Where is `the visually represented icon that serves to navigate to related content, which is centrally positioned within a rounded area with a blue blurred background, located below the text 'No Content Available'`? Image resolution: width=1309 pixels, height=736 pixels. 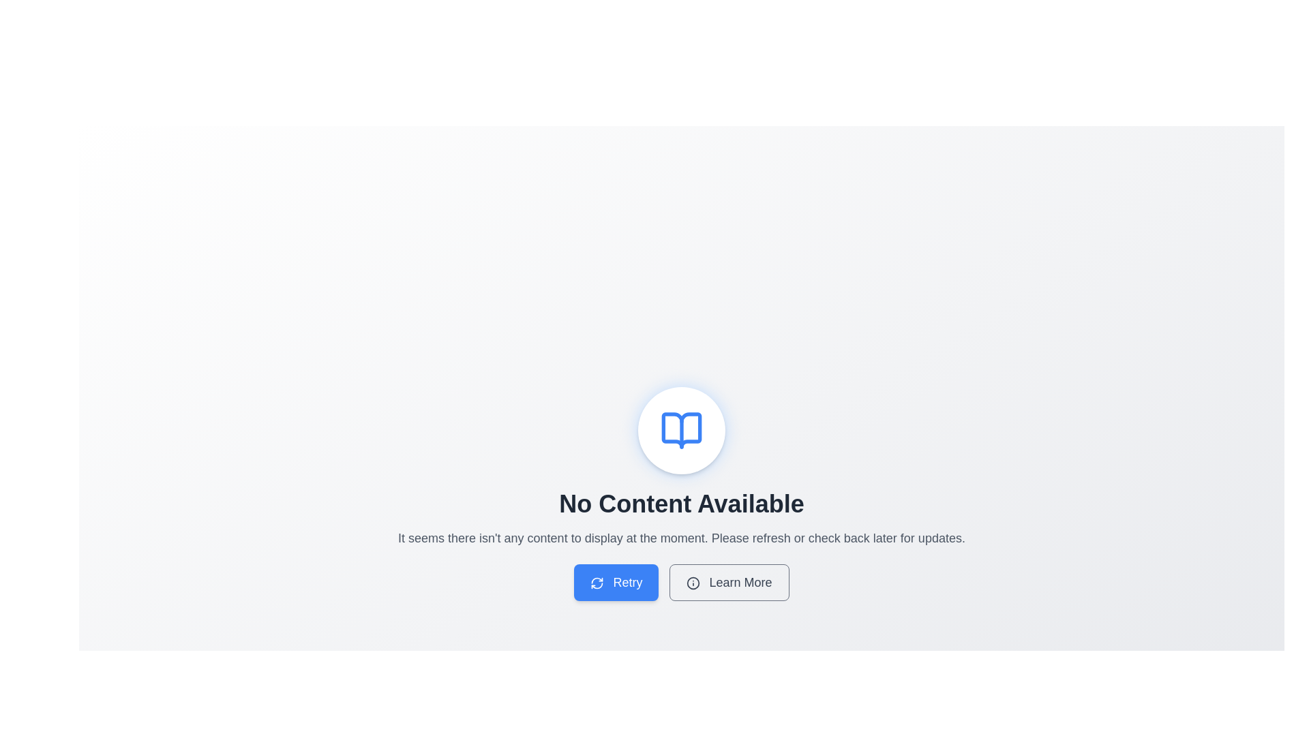
the visually represented icon that serves to navigate to related content, which is centrally positioned within a rounded area with a blue blurred background, located below the text 'No Content Available' is located at coordinates (681, 431).